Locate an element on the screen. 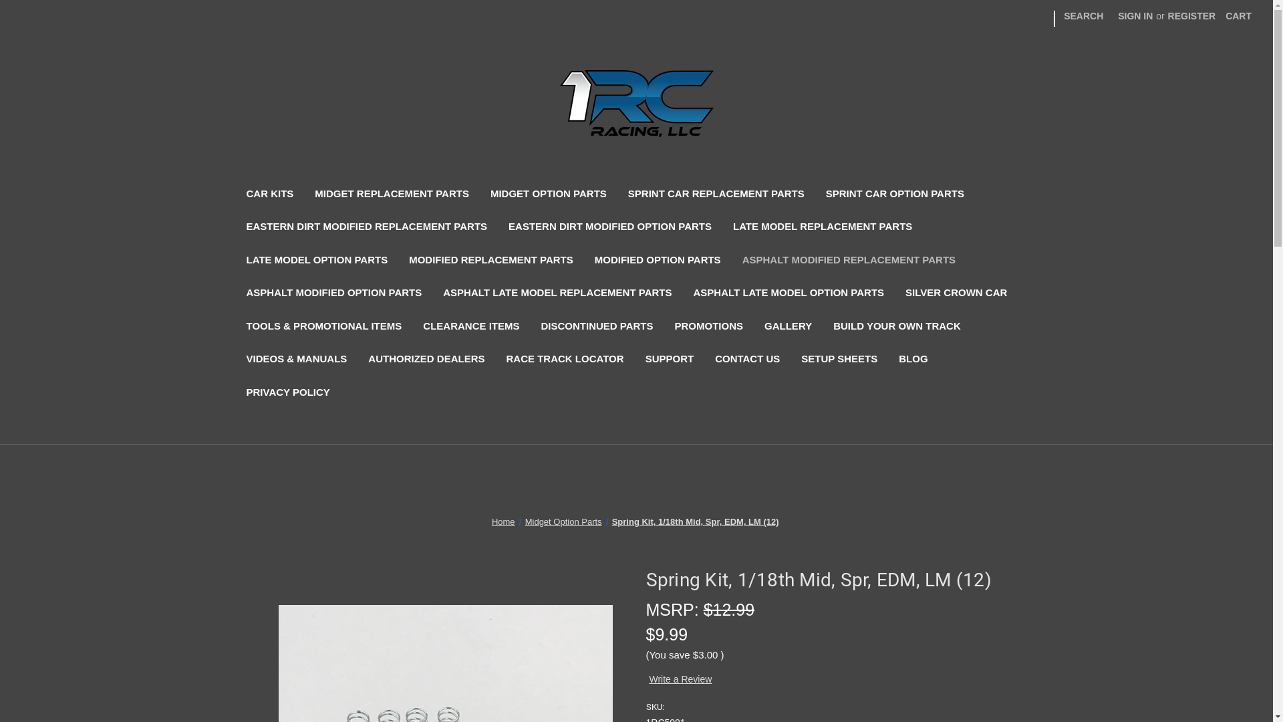  'CAR KITS' is located at coordinates (269, 195).